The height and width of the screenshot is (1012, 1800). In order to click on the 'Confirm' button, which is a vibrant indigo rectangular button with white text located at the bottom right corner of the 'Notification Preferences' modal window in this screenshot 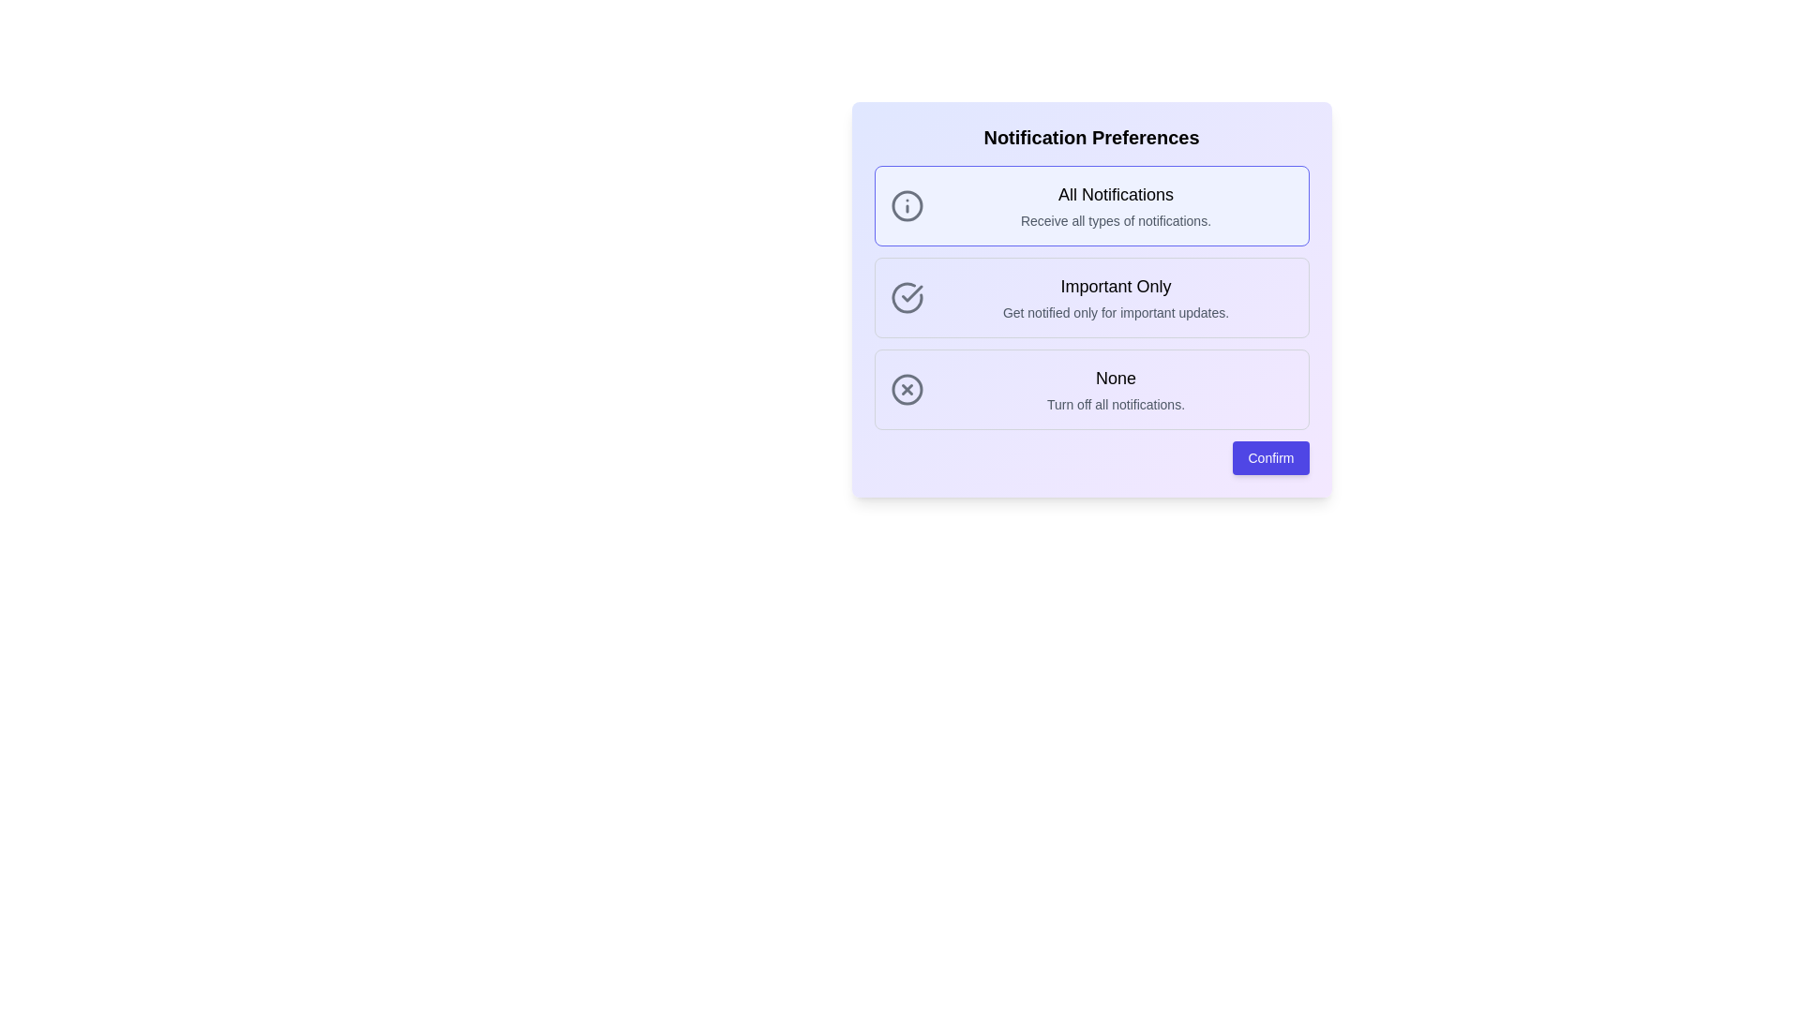, I will do `click(1270, 458)`.